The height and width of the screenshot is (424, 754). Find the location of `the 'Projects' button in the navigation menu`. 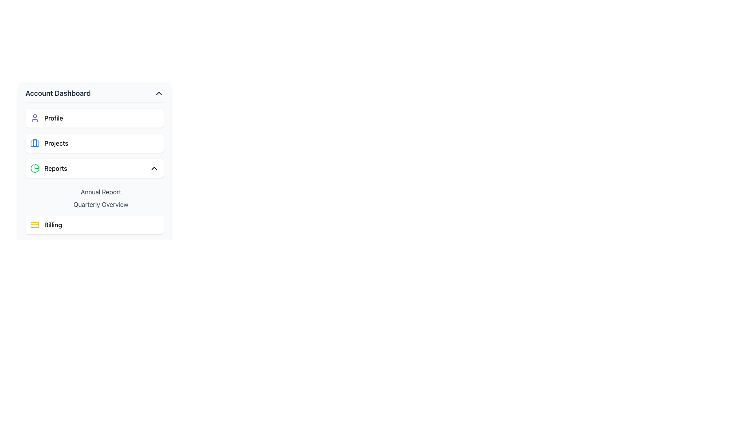

the 'Projects' button in the navigation menu is located at coordinates (94, 143).